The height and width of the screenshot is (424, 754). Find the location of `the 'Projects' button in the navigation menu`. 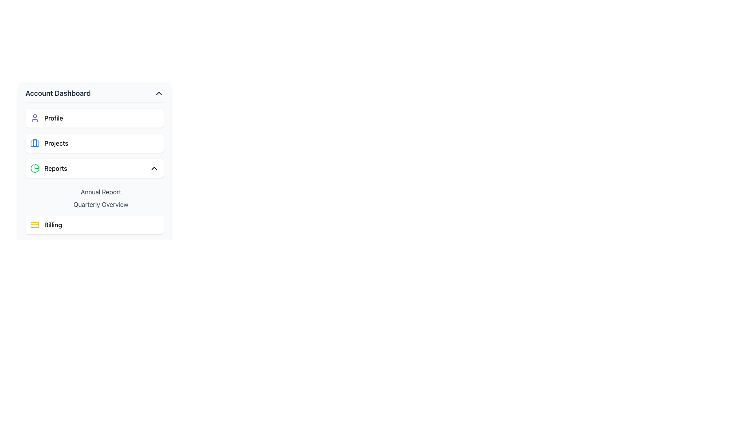

the 'Projects' button in the navigation menu is located at coordinates (94, 143).